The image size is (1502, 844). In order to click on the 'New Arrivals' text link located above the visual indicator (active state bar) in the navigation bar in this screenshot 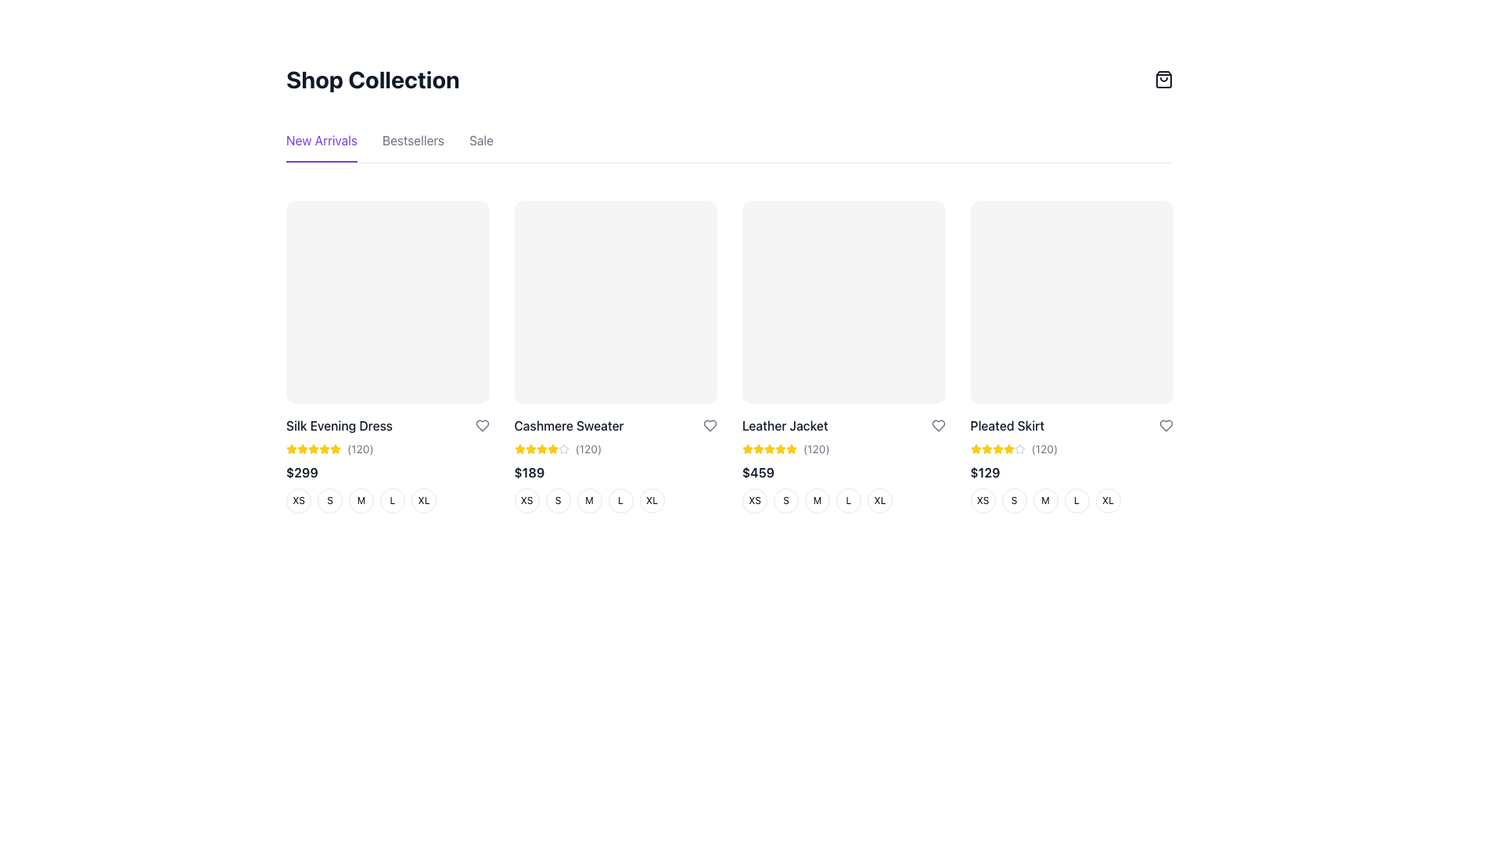, I will do `click(321, 162)`.